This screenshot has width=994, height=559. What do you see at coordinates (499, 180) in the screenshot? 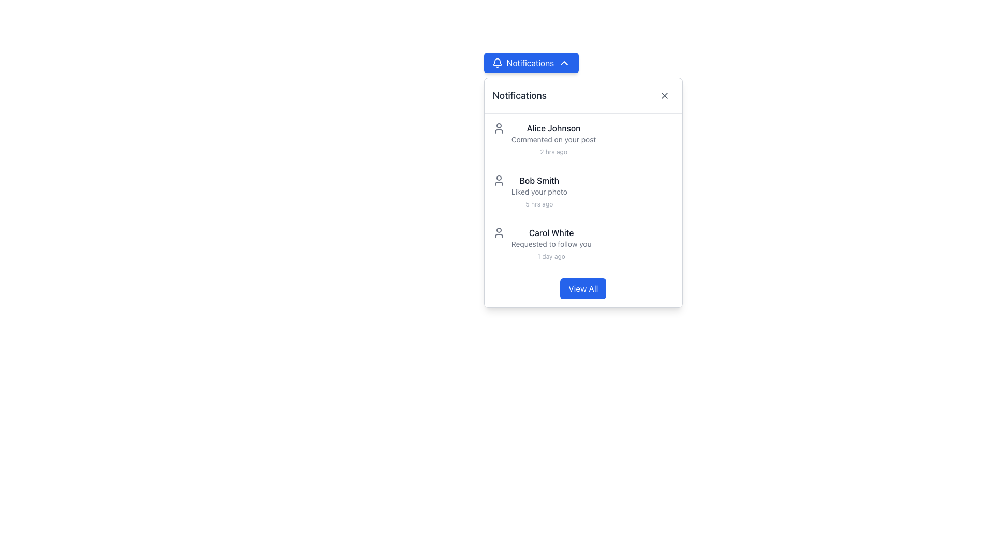
I see `the user icon representing 'Bob Smith' in the notification section titled 'Bob Smith Liked your photo.'` at bounding box center [499, 180].